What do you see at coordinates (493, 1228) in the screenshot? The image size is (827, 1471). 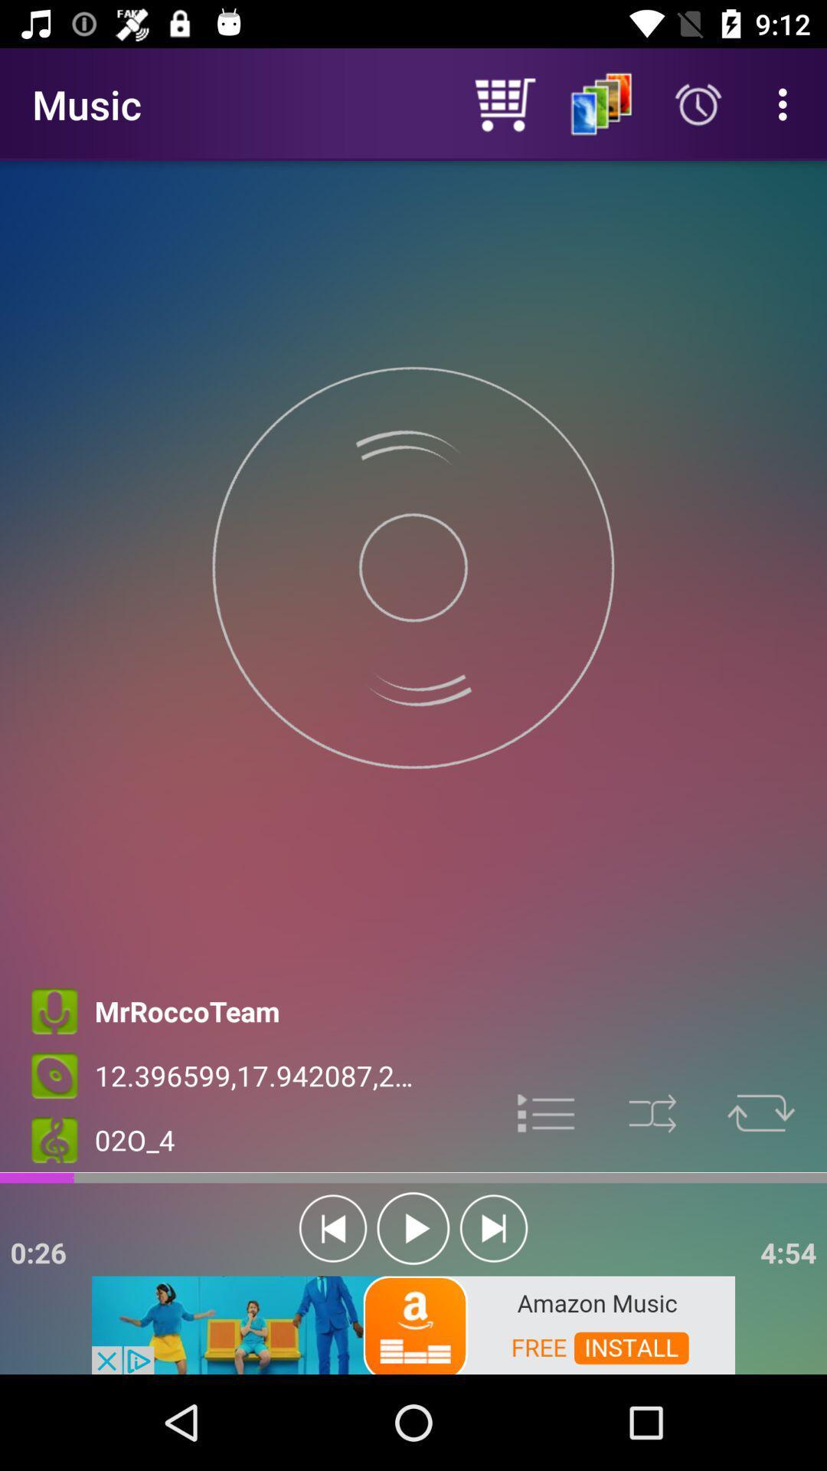 I see `the skip_next icon` at bounding box center [493, 1228].